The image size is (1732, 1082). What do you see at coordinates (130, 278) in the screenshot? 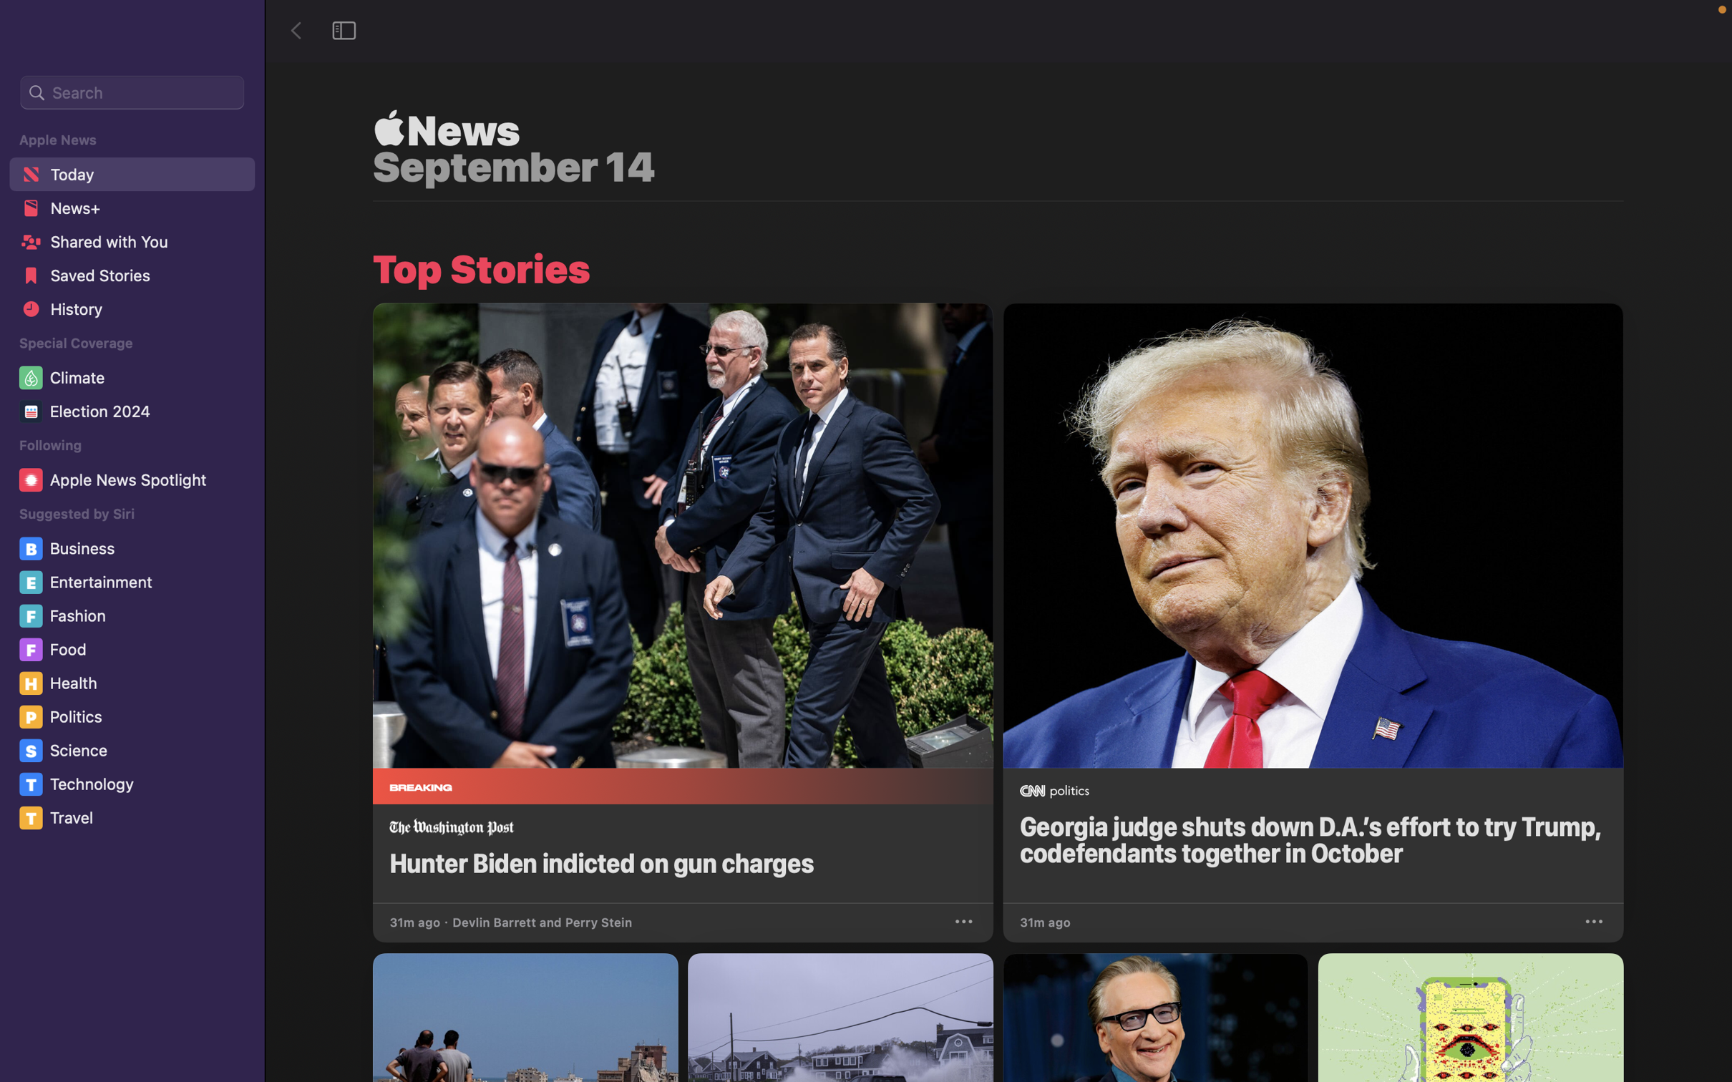
I see `the saved news items` at bounding box center [130, 278].